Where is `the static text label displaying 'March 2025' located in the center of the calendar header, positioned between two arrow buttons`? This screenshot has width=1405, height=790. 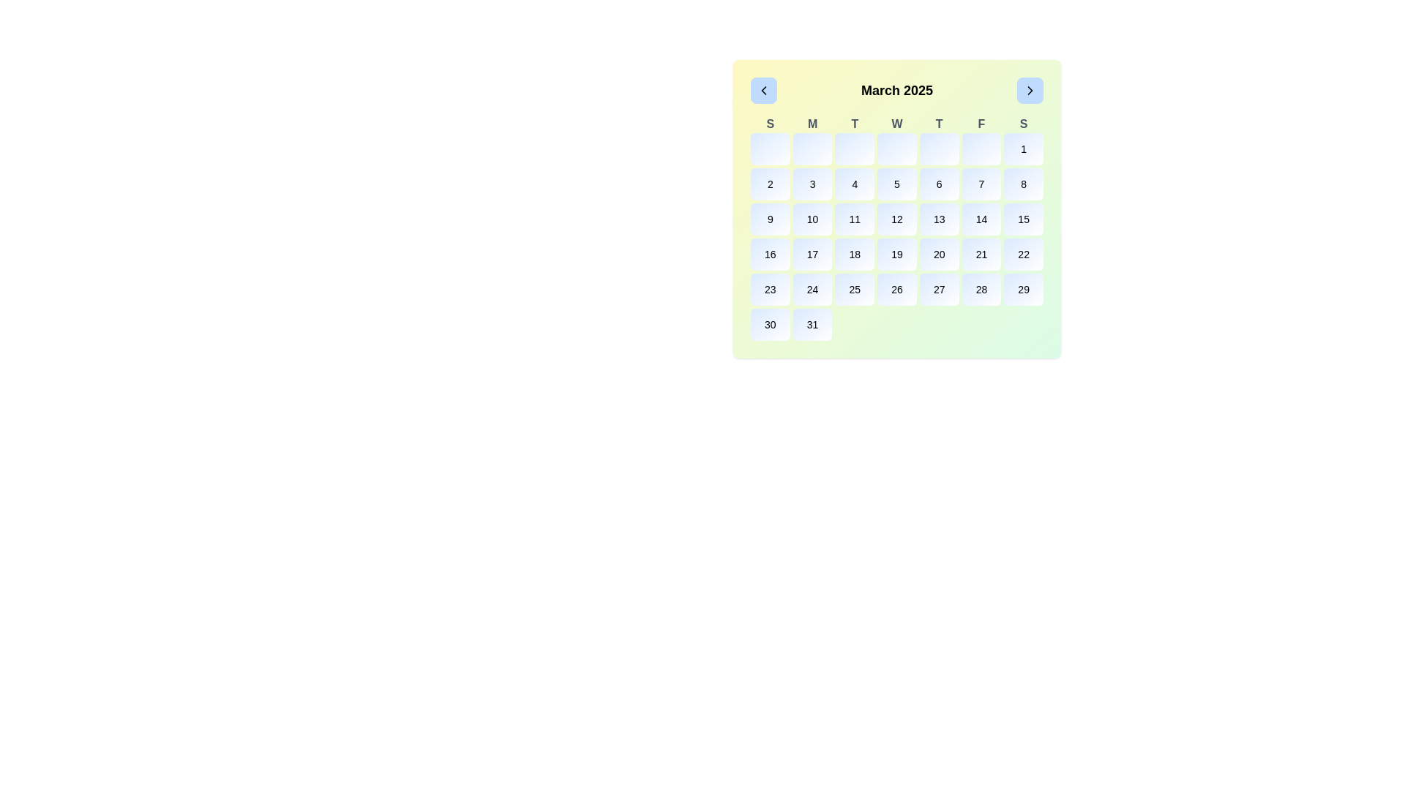
the static text label displaying 'March 2025' located in the center of the calendar header, positioned between two arrow buttons is located at coordinates (896, 90).